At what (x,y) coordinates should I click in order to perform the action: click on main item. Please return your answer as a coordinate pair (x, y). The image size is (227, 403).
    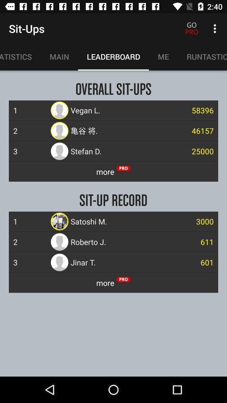
    Looking at the image, I should click on (59, 56).